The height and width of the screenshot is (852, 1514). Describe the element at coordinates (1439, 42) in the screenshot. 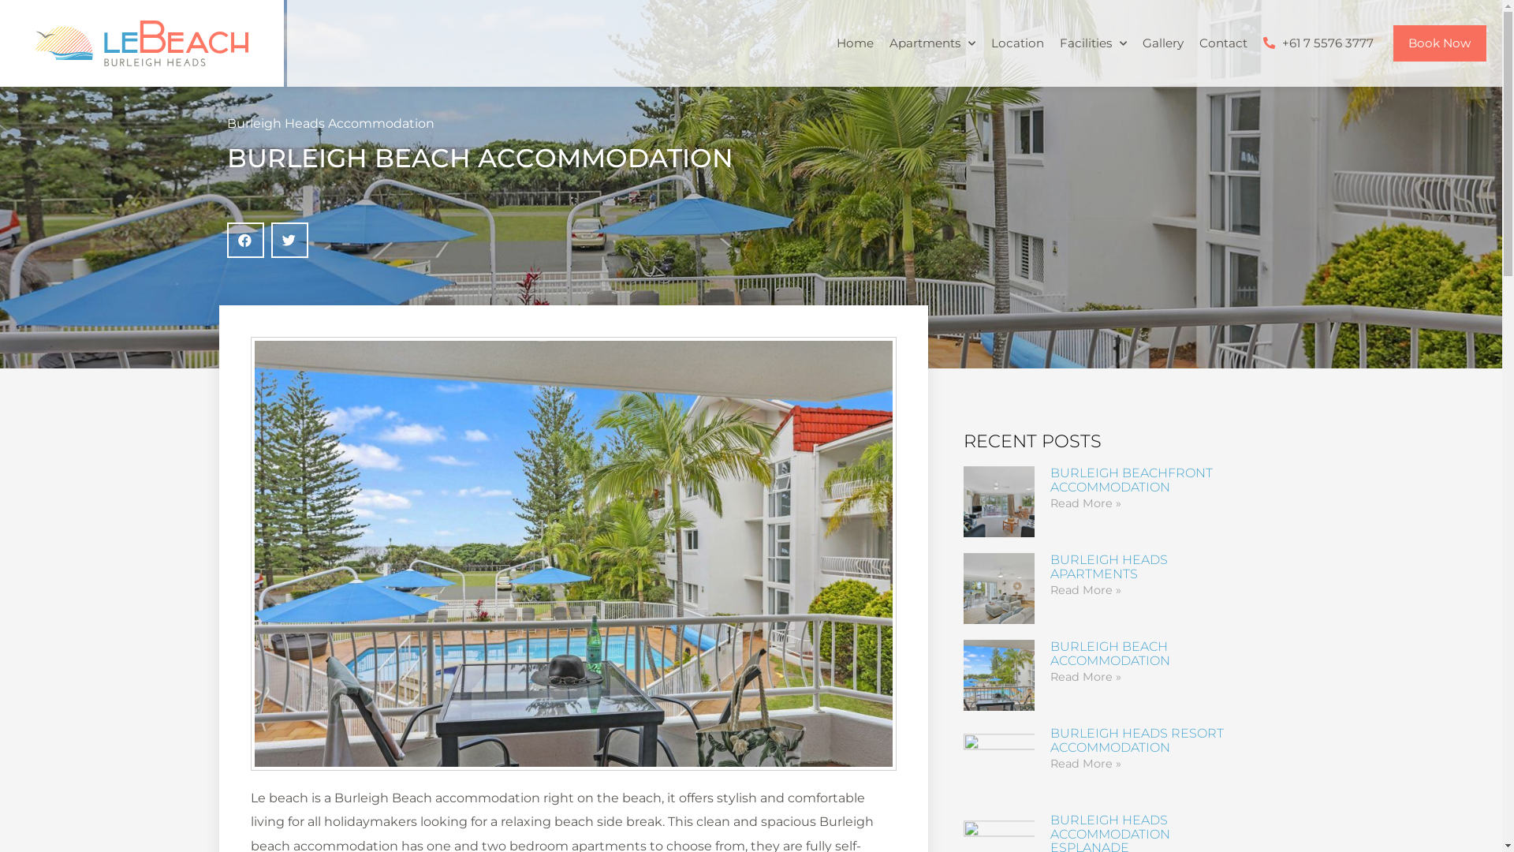

I see `'Book Now'` at that location.